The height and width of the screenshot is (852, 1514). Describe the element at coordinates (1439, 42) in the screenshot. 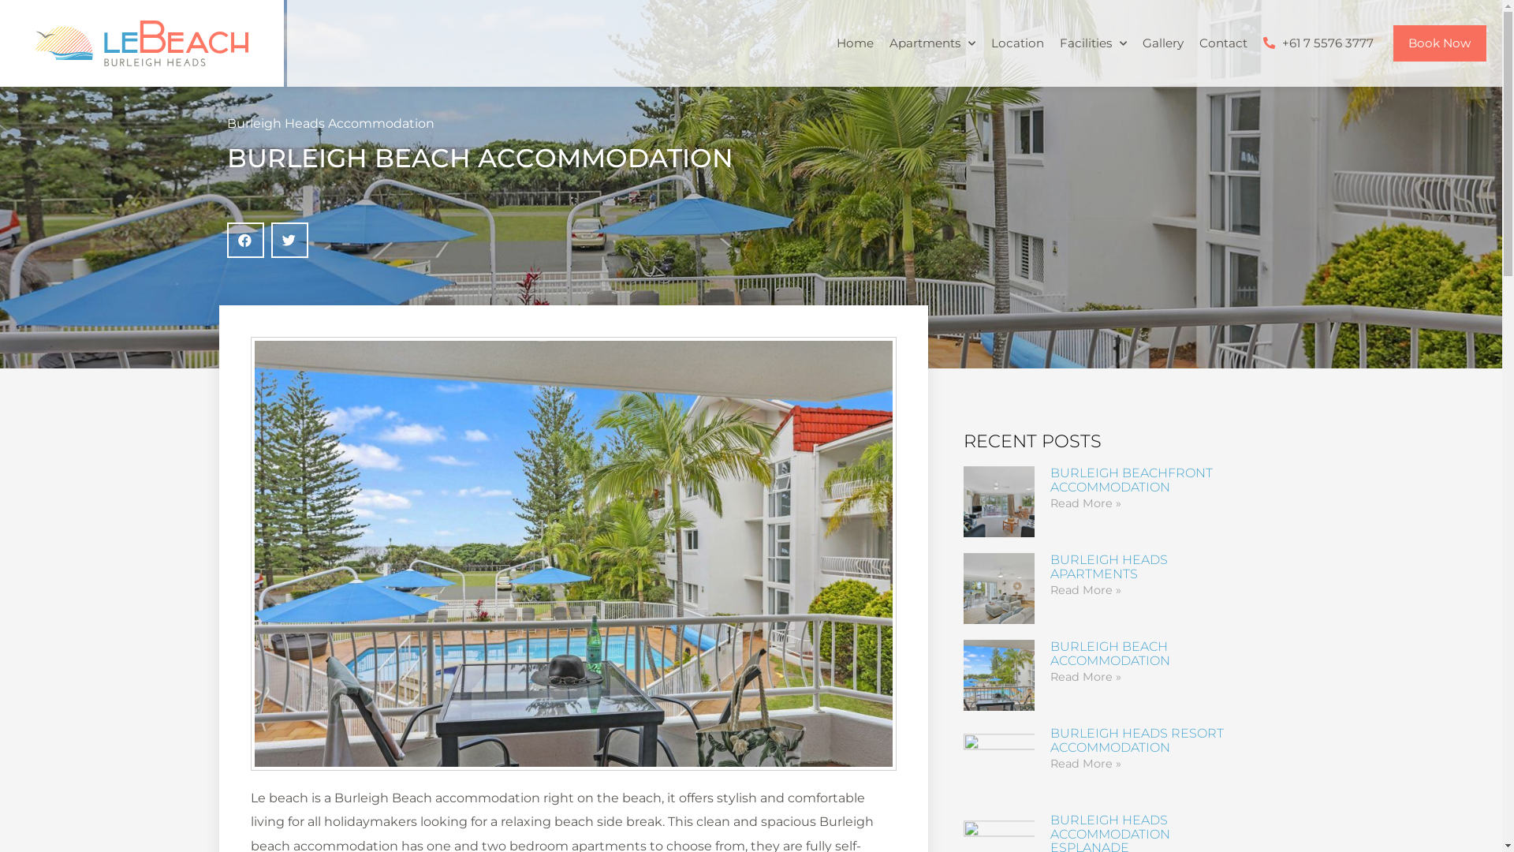

I see `'Book Now'` at that location.